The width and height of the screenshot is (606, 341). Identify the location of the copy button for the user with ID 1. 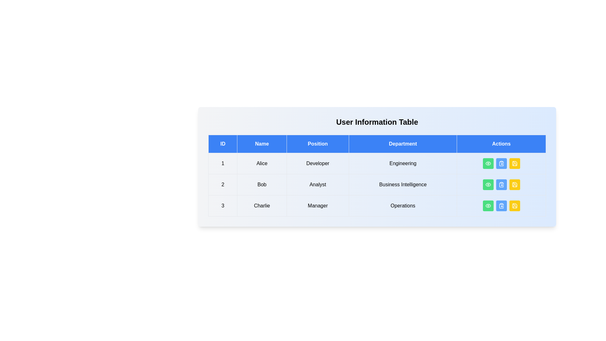
(501, 163).